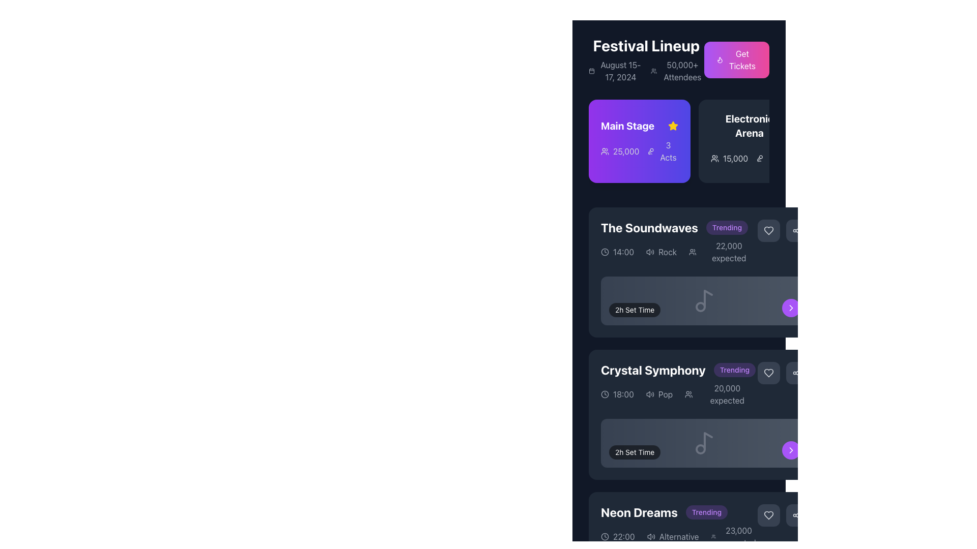 This screenshot has height=549, width=977. I want to click on the list item labeled 'Crystal Symphony' with the 'Trending' badge, which is styled with a bold white font and a purple background, located below 'The Soundwaves', so click(679, 370).